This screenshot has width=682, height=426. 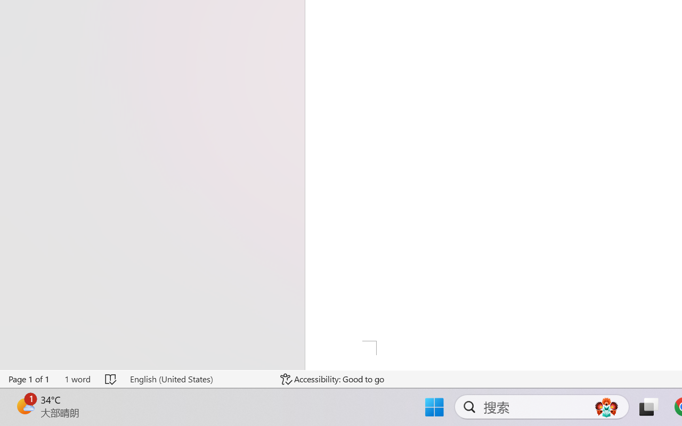 I want to click on 'Accessibility Checker Accessibility: Good to go', so click(x=332, y=379).